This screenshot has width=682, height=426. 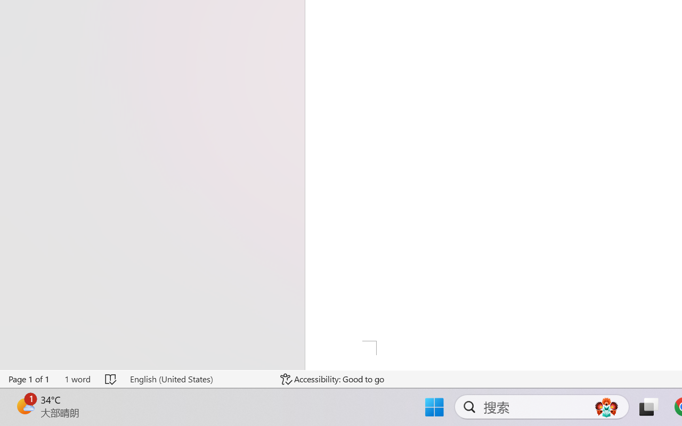 I want to click on 'Accessibility Checker Accessibility: Good to go', so click(x=332, y=379).